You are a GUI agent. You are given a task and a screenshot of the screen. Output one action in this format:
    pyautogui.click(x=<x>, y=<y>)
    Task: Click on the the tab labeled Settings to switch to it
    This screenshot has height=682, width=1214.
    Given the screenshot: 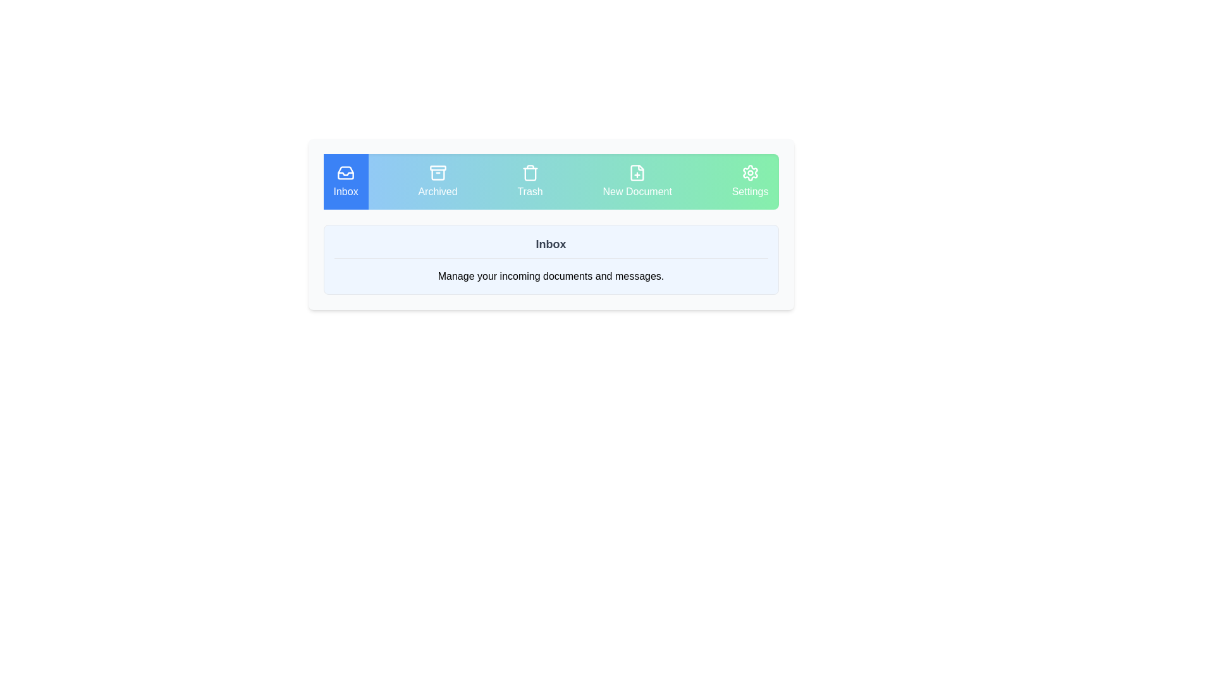 What is the action you would take?
    pyautogui.click(x=749, y=182)
    